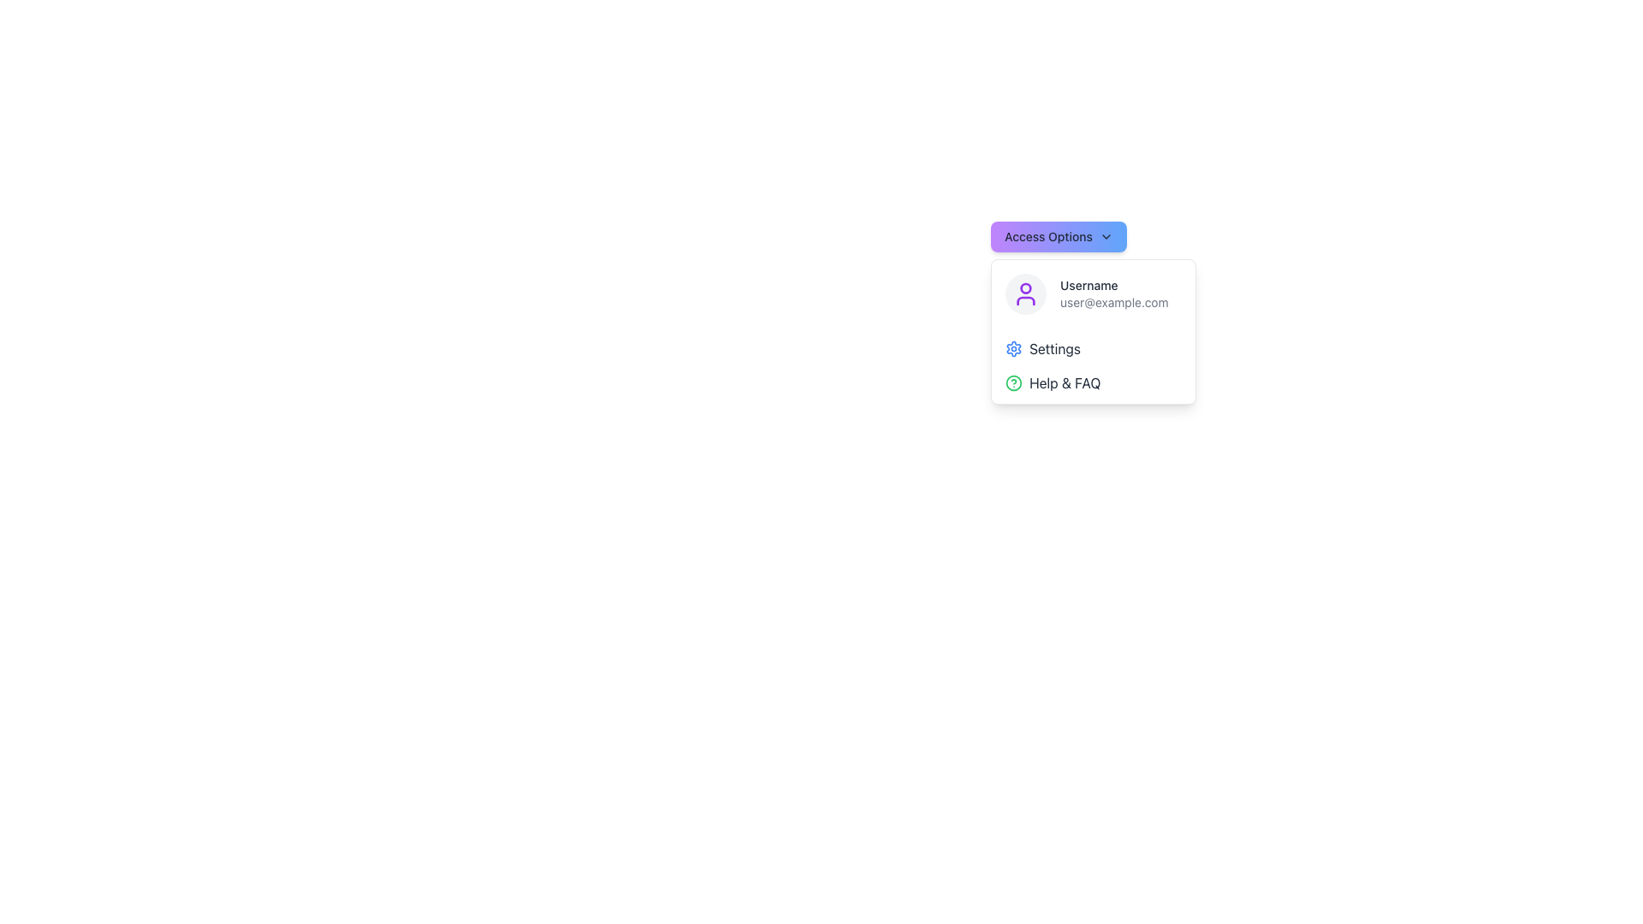 This screenshot has height=924, width=1643. Describe the element at coordinates (1114, 293) in the screenshot. I see `the Text Display containing 'Username' and 'user@example.com' which is located within a dropdown menu to the right of the user icon` at that location.